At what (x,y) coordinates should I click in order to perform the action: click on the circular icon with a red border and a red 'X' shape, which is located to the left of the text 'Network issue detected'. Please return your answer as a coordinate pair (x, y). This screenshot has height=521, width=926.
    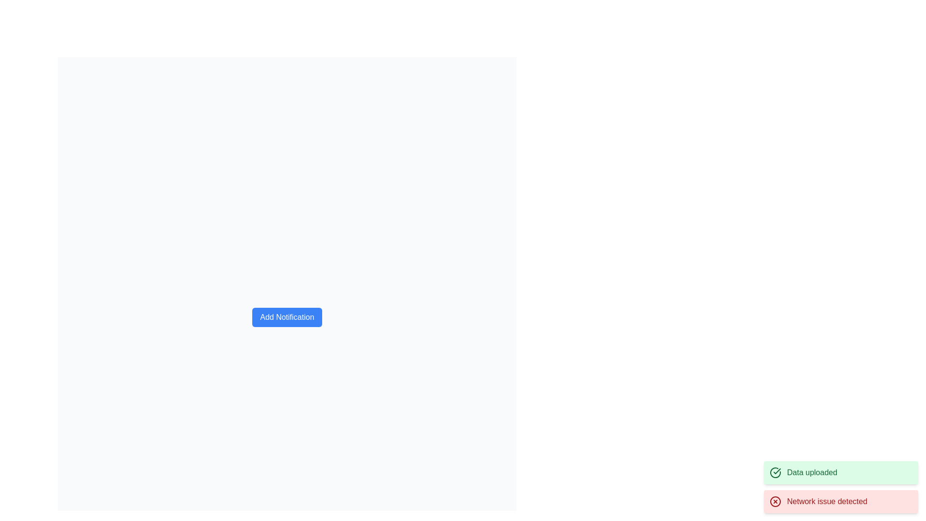
    Looking at the image, I should click on (776, 501).